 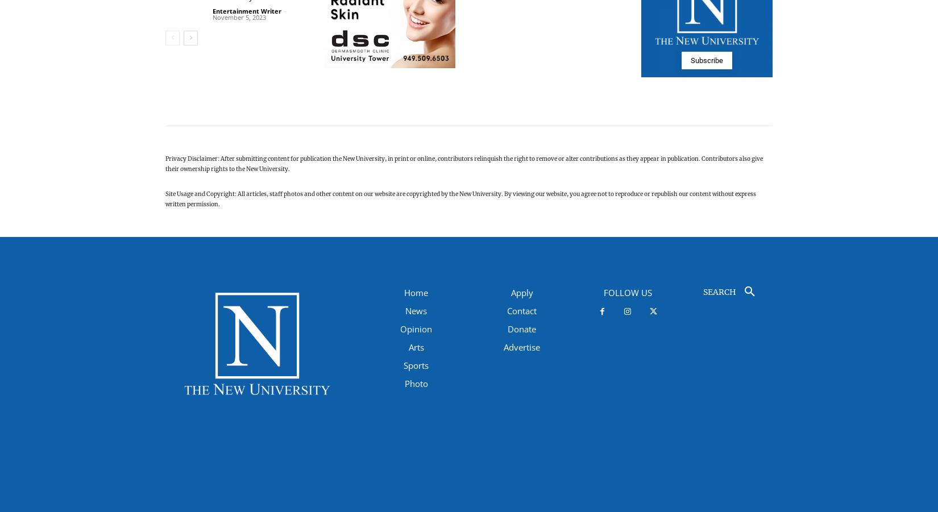 What do you see at coordinates (460, 199) in the screenshot?
I see `'Site Usage and Copyright: All articles, staff photos and other content on our website are copyrighted by the New University. By viewing our website, you agree not to reproduce or republish our content without express written permission.'` at bounding box center [460, 199].